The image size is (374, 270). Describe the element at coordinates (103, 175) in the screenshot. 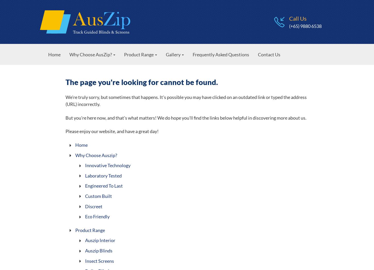

I see `'Laboratory Tested'` at that location.